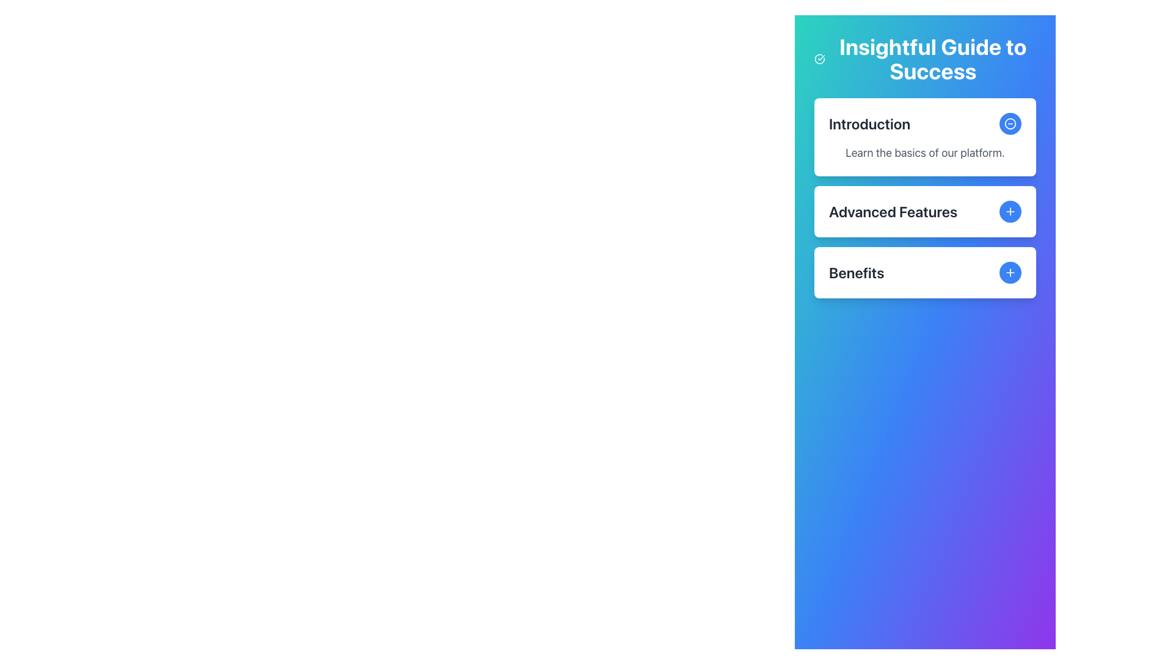  Describe the element at coordinates (925, 272) in the screenshot. I see `the button associated with the 'Benefits' section, which is the last item in a vertical list below 'Advanced Features'` at that location.